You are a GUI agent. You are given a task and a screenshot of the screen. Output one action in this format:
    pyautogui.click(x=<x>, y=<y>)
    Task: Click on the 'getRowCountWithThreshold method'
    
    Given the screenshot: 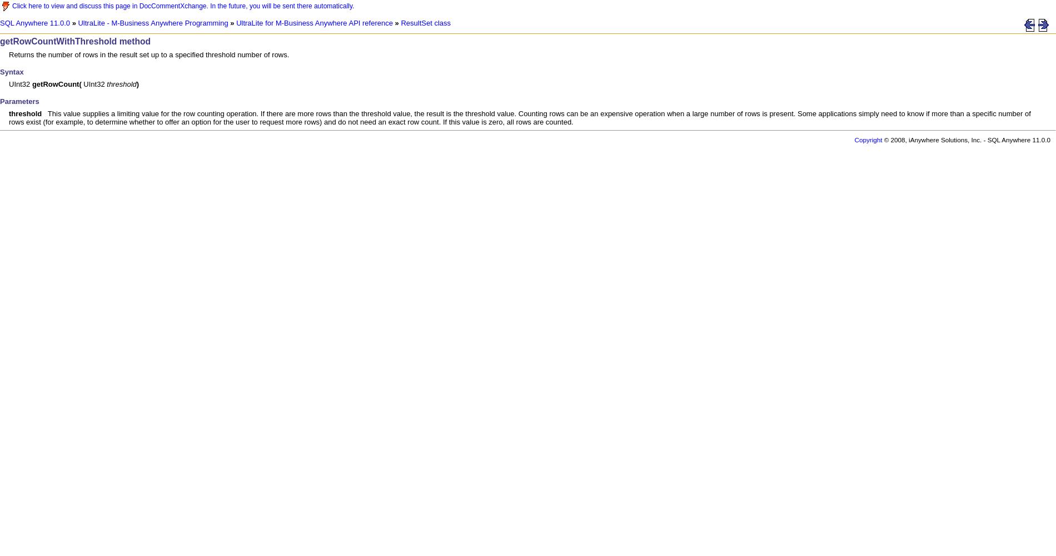 What is the action you would take?
    pyautogui.click(x=75, y=41)
    